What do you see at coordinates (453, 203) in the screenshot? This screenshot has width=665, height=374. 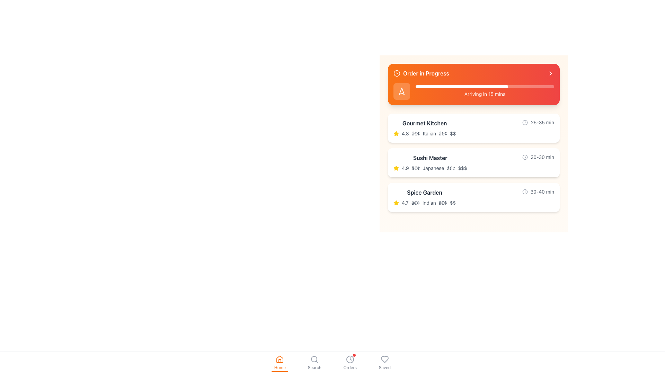 I see `the text label indicating the price range or cost level associated with the third listed restaurant entry, which shows '$$' after the category 'Indian'` at bounding box center [453, 203].